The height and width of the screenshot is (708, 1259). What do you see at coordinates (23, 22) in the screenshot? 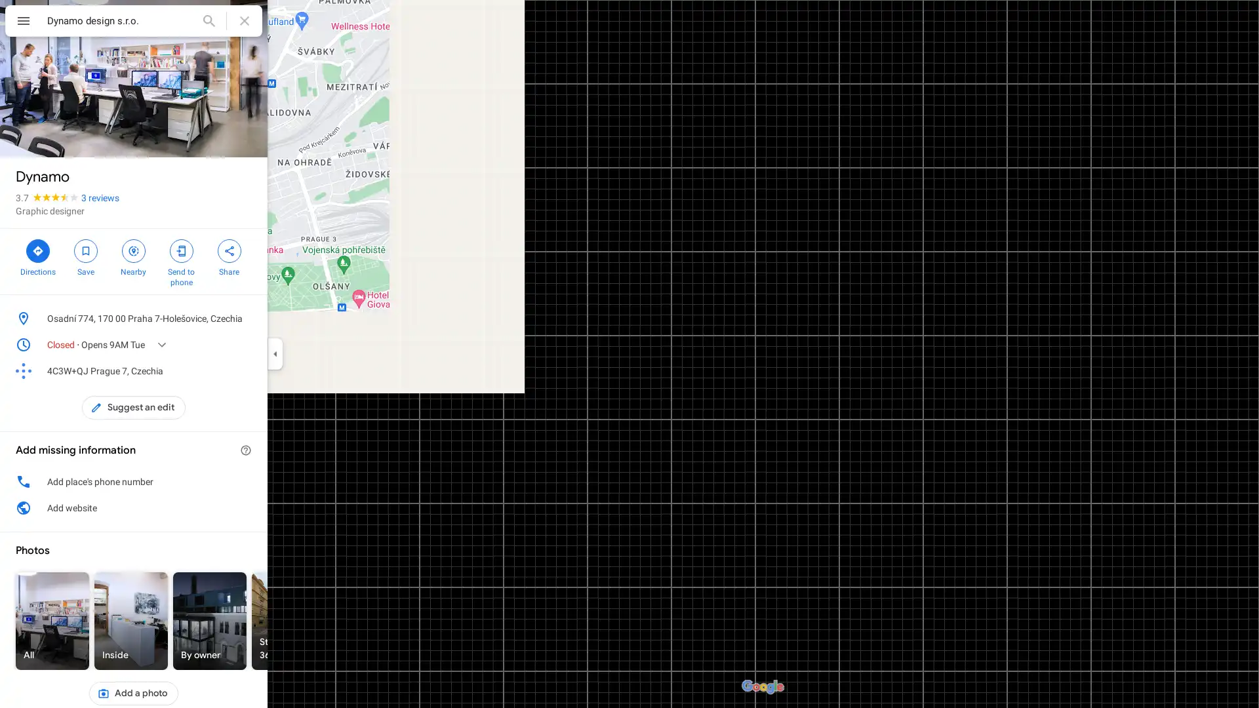
I see `Menu` at bounding box center [23, 22].